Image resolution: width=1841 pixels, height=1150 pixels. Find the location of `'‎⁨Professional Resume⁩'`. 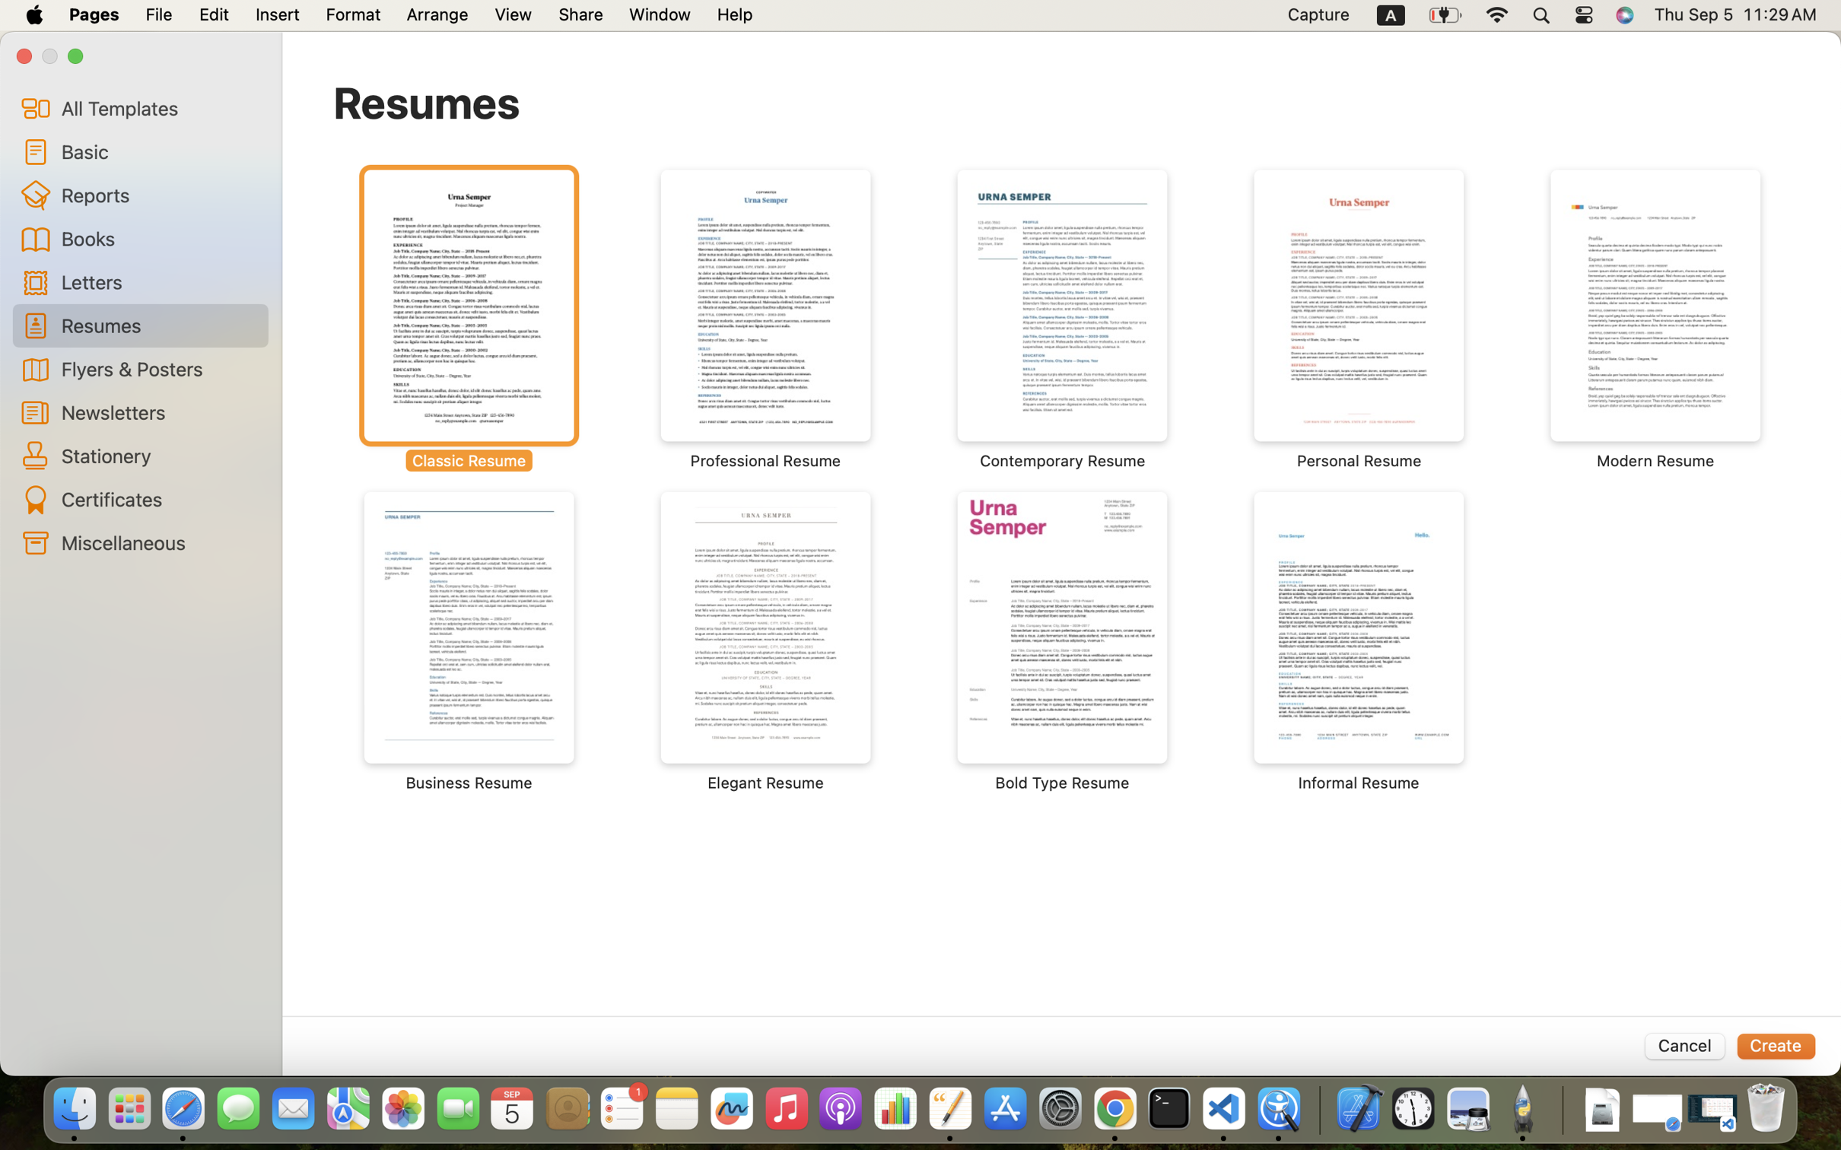

'‎⁨Professional Resume⁩' is located at coordinates (766, 319).